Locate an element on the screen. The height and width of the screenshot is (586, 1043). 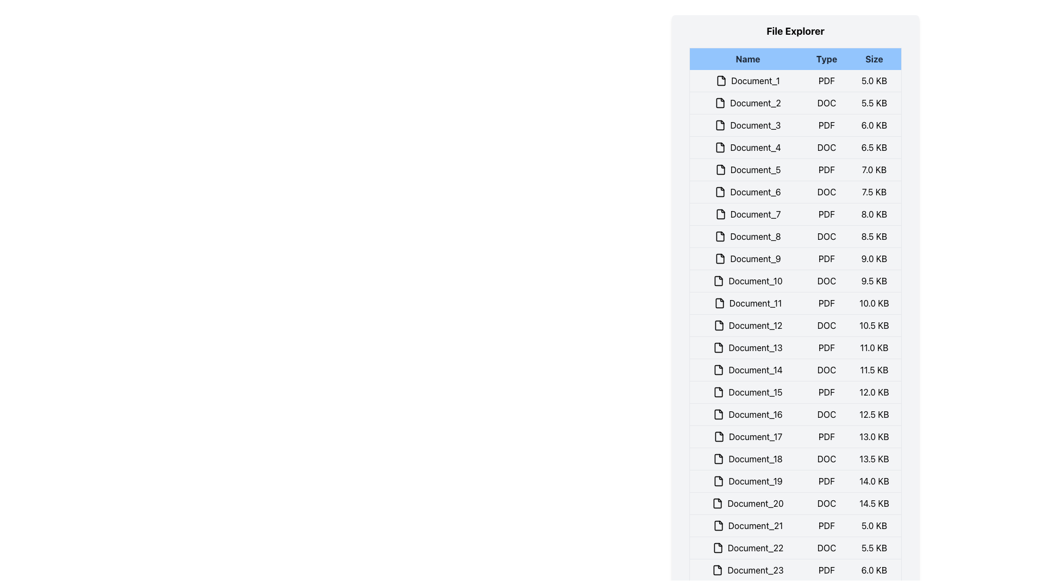
the 'Document_1' label and icon is located at coordinates (747, 80).